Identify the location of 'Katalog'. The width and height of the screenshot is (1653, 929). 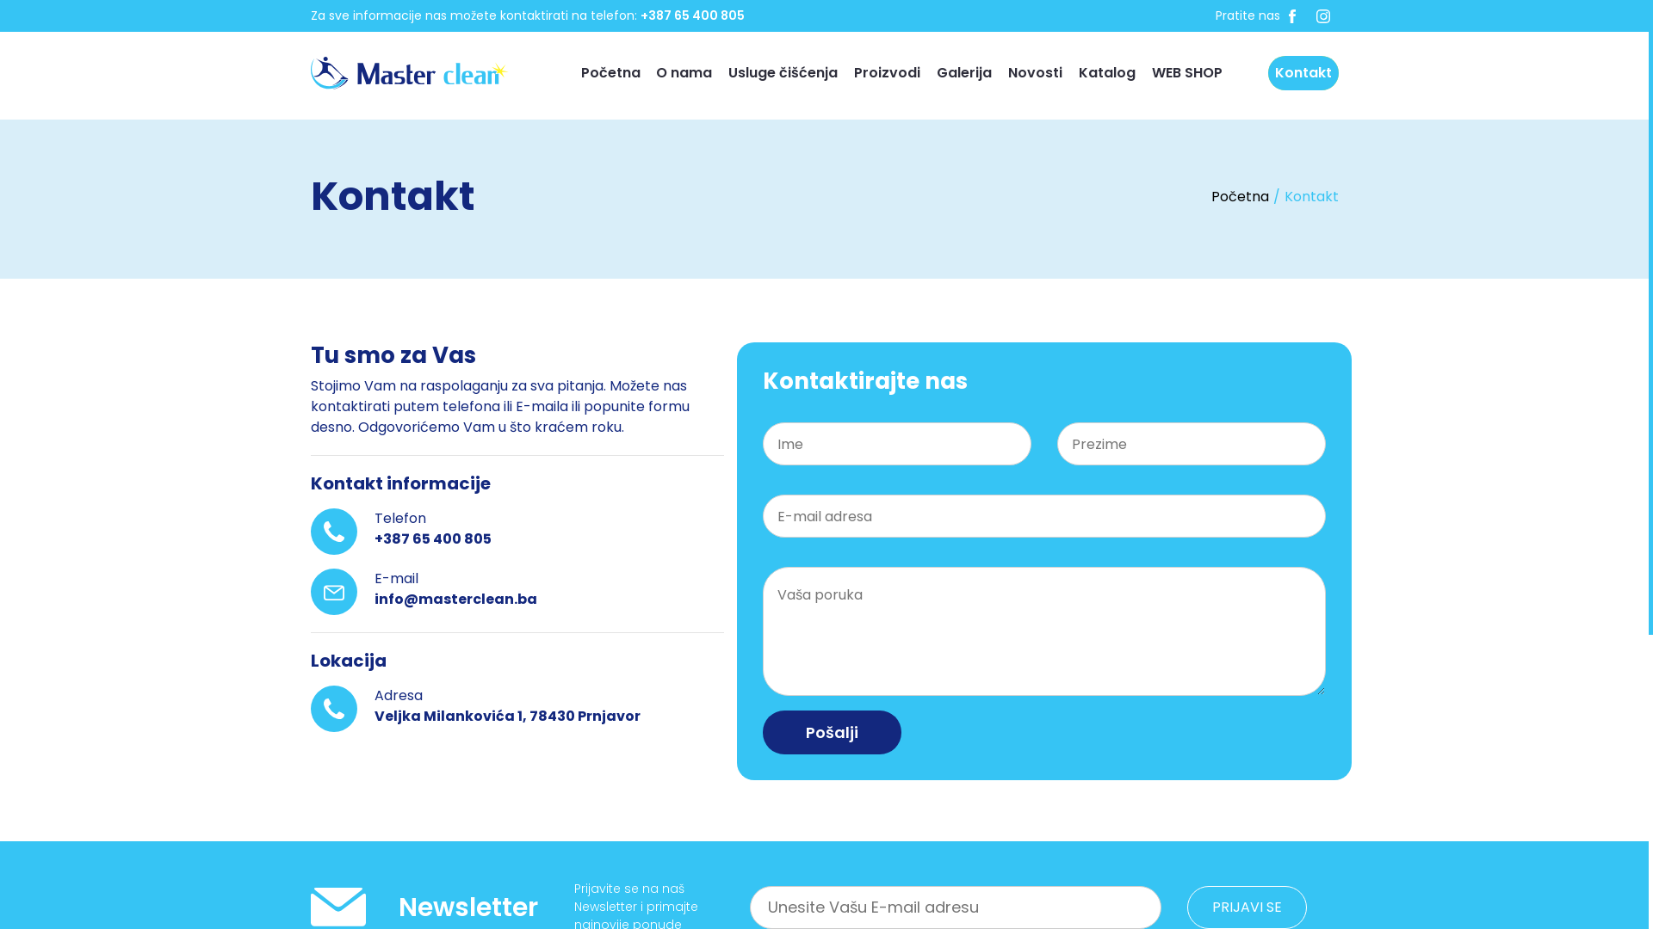
(1107, 71).